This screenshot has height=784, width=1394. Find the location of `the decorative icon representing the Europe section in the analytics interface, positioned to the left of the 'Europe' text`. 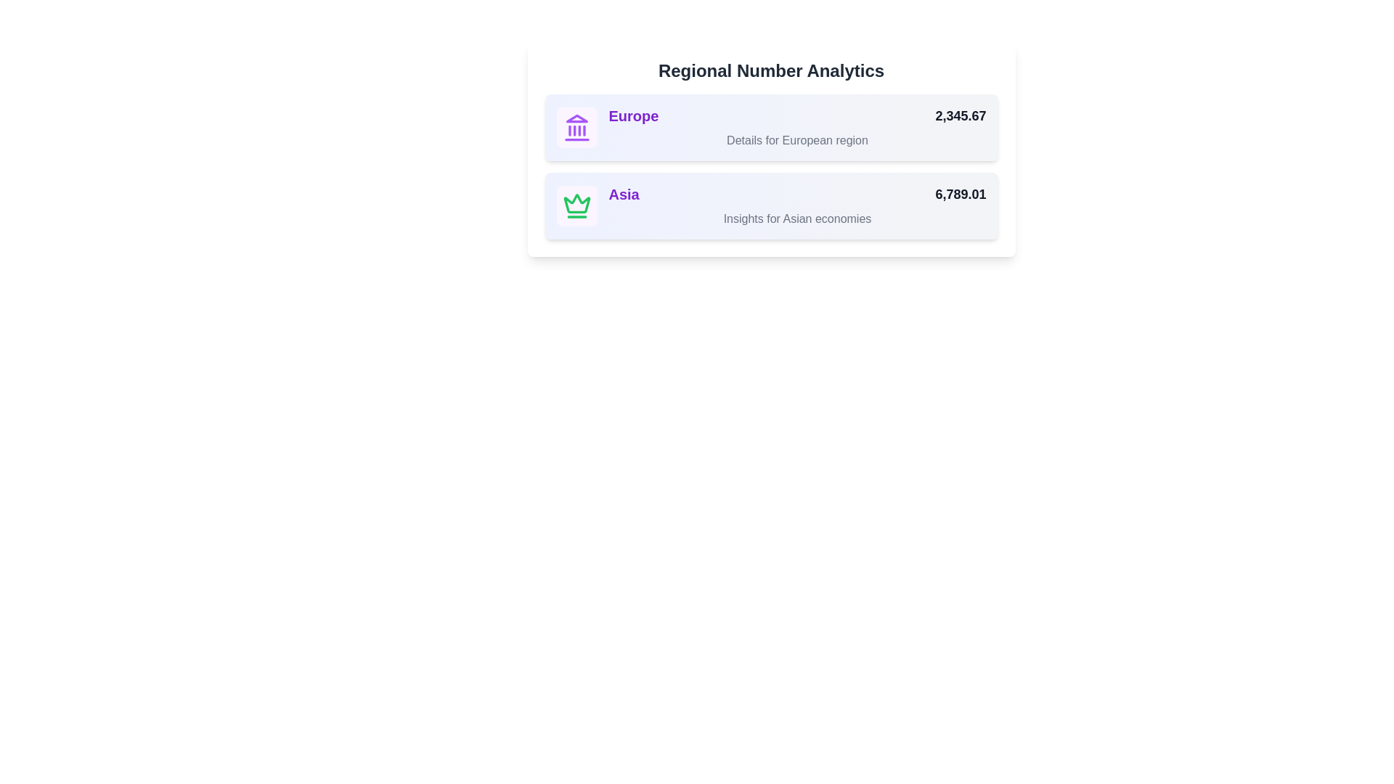

the decorative icon representing the Europe section in the analytics interface, positioned to the left of the 'Europe' text is located at coordinates (576, 127).